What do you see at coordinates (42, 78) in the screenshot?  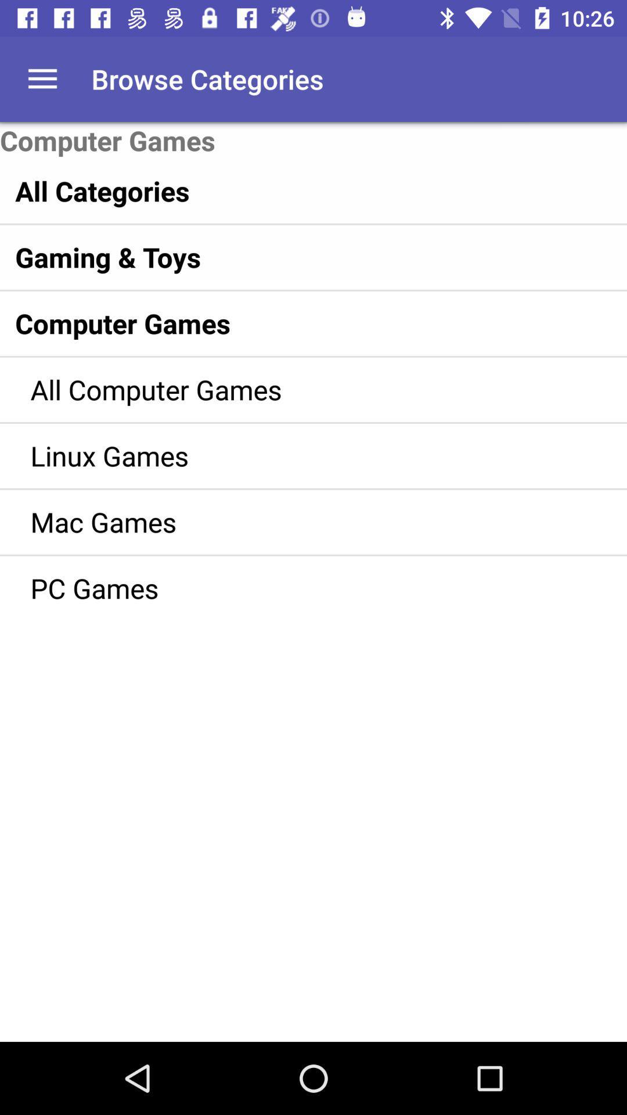 I see `item to the left of browse categories icon` at bounding box center [42, 78].